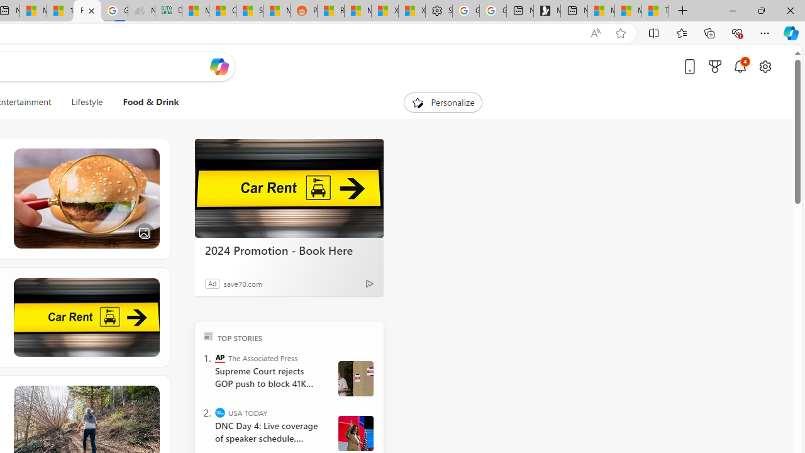 The width and height of the screenshot is (805, 453). What do you see at coordinates (243, 283) in the screenshot?
I see `'save70.com'` at bounding box center [243, 283].